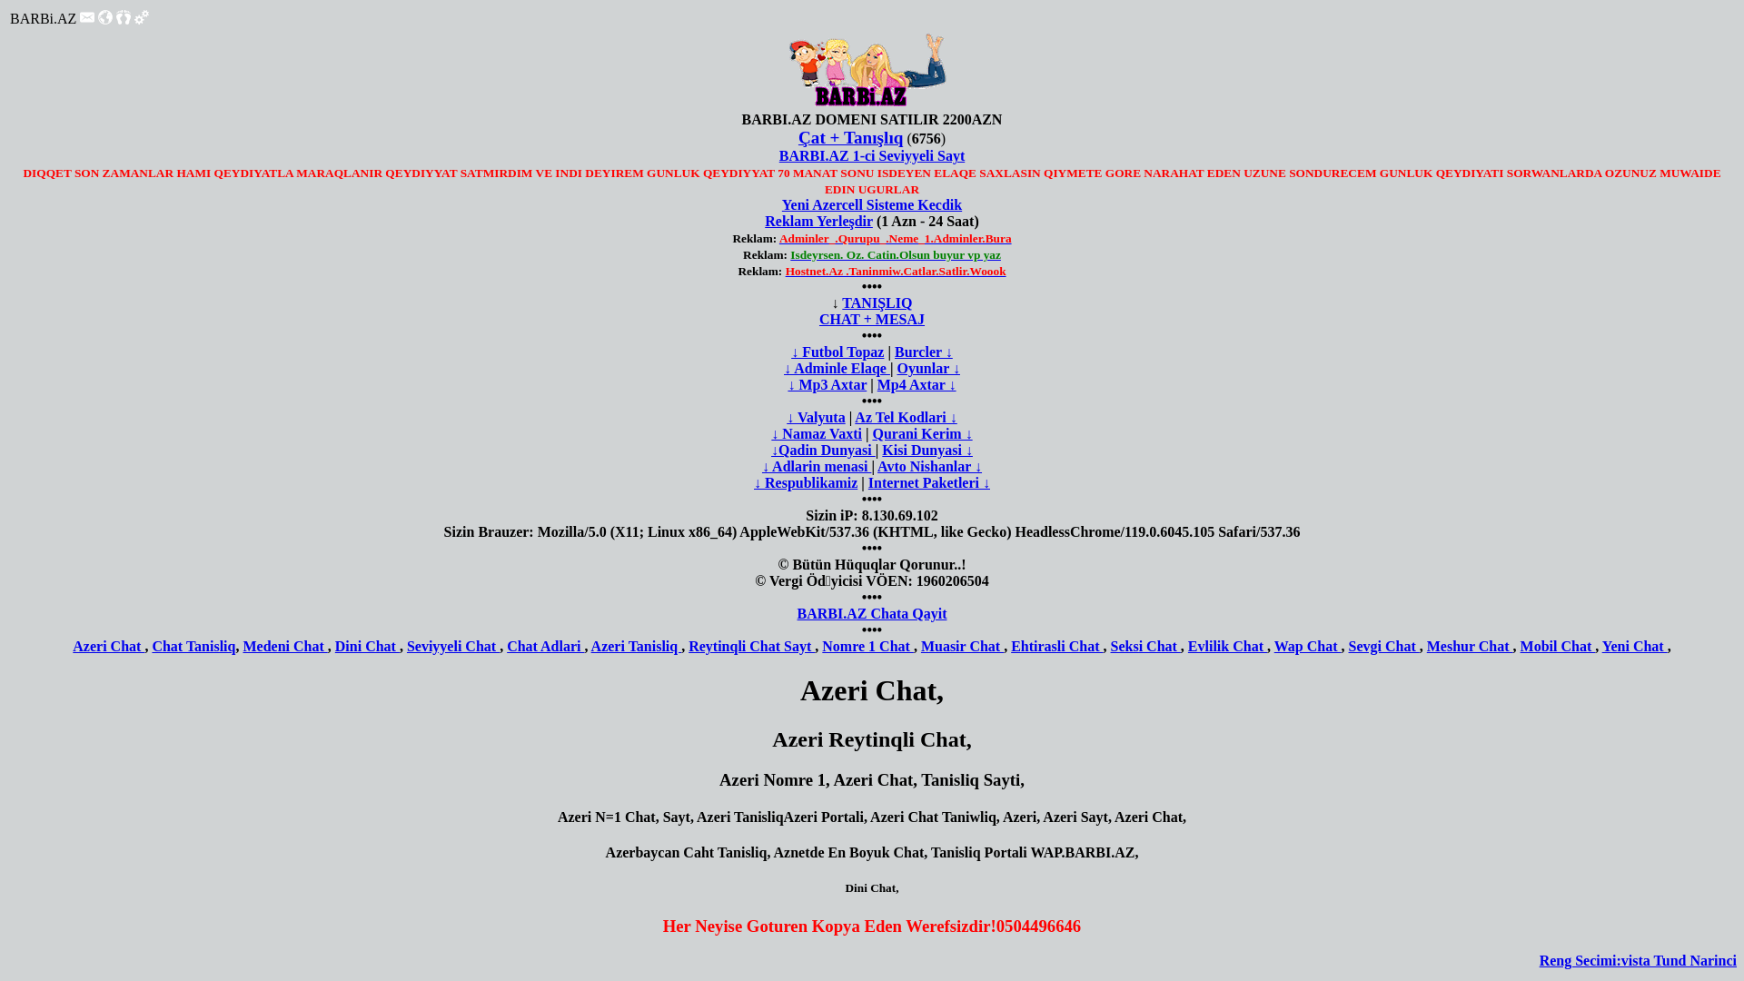  I want to click on 'Reng Secimi:vista Tund Narinci', so click(1638, 959).